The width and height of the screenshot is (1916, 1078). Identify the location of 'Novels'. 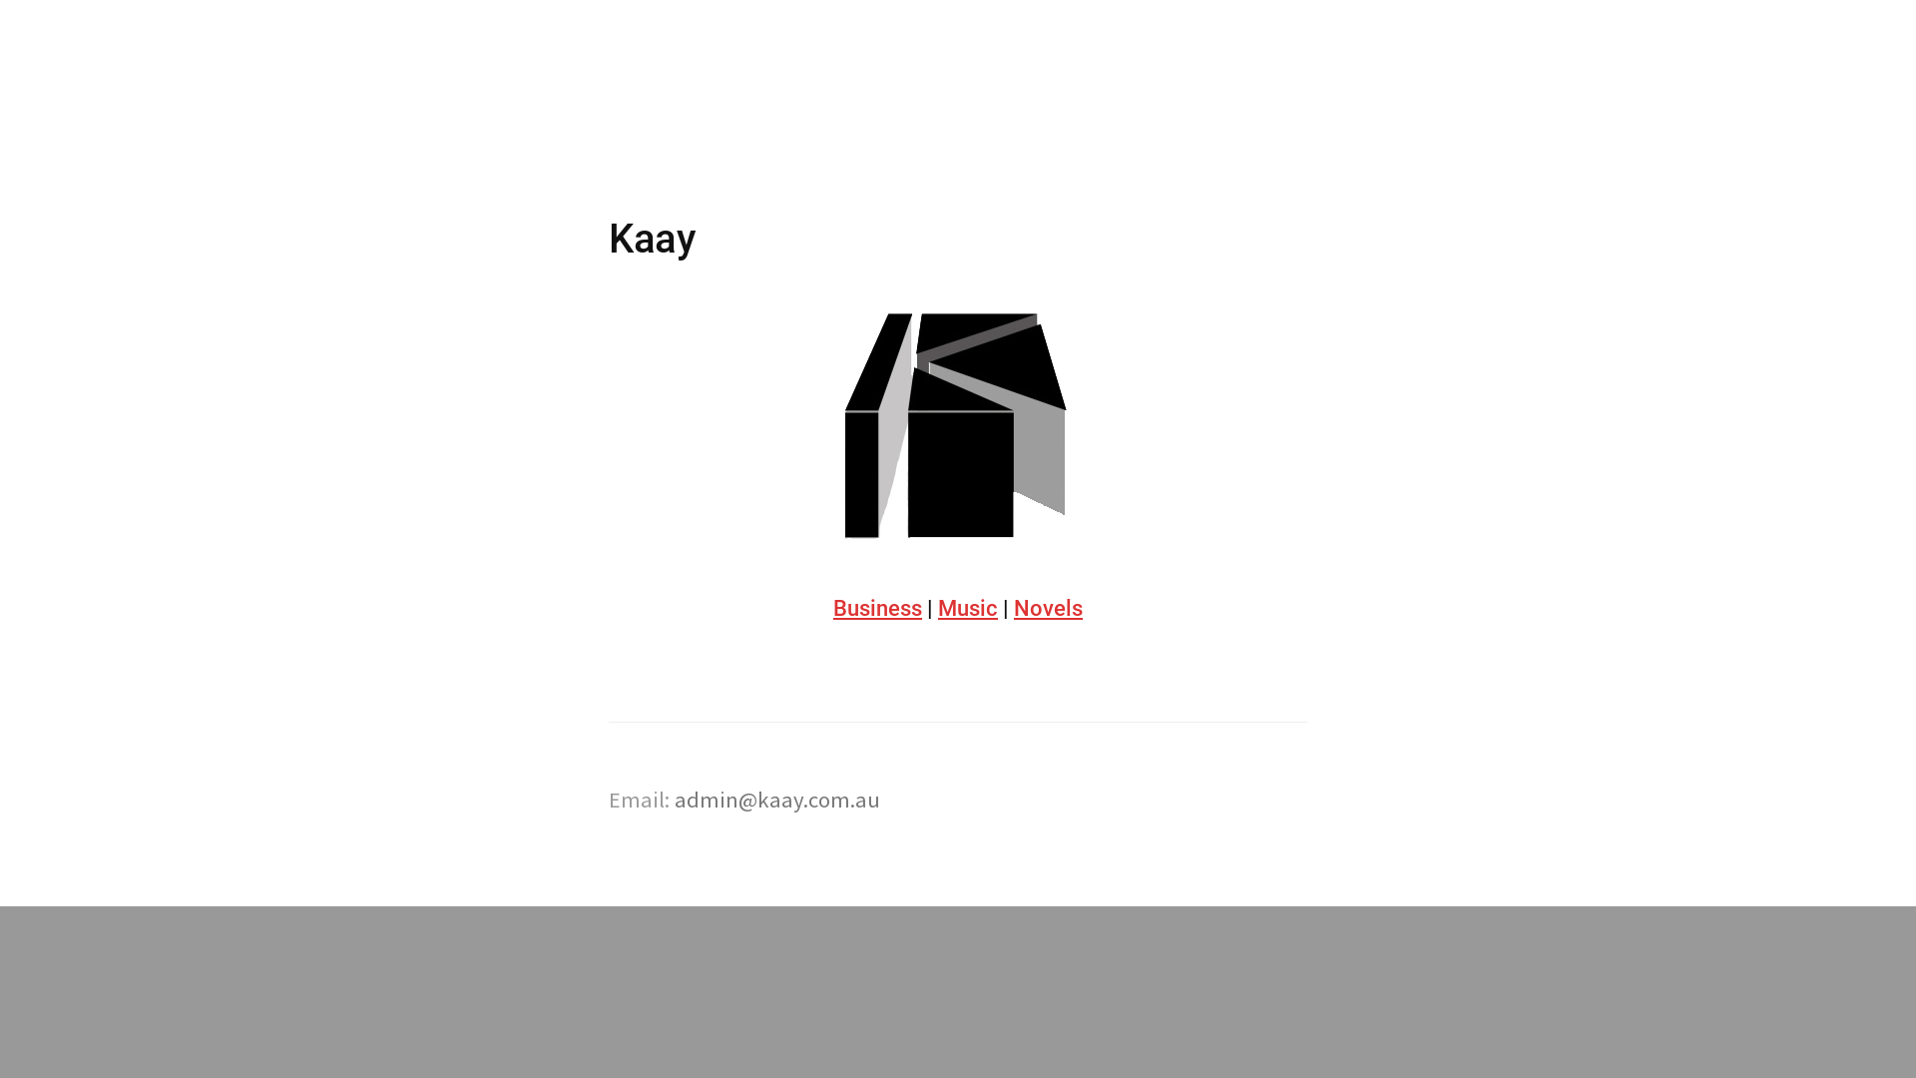
(1047, 607).